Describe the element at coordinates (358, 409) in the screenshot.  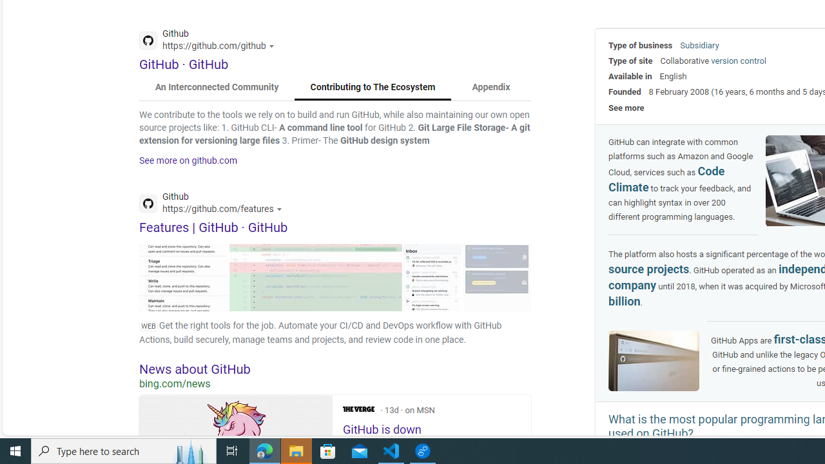
I see `'The Verge on MSN.com'` at that location.